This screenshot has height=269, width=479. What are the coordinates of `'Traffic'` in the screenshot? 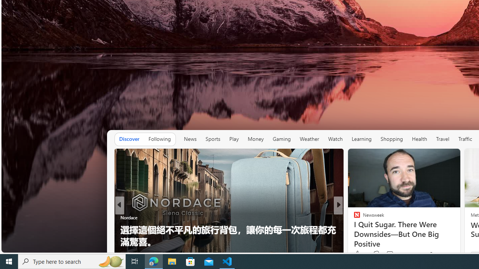 It's located at (464, 139).